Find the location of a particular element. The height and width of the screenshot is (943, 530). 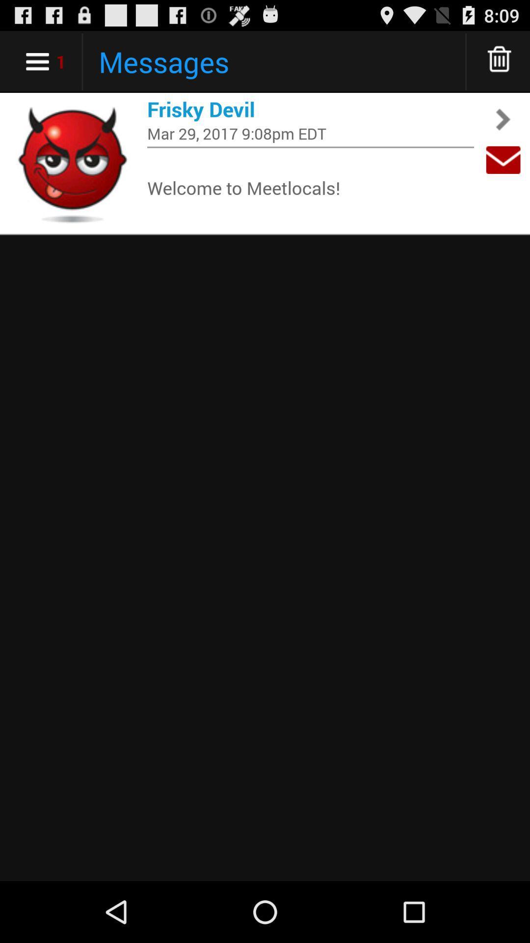

the app below the messages icon is located at coordinates (310, 109).